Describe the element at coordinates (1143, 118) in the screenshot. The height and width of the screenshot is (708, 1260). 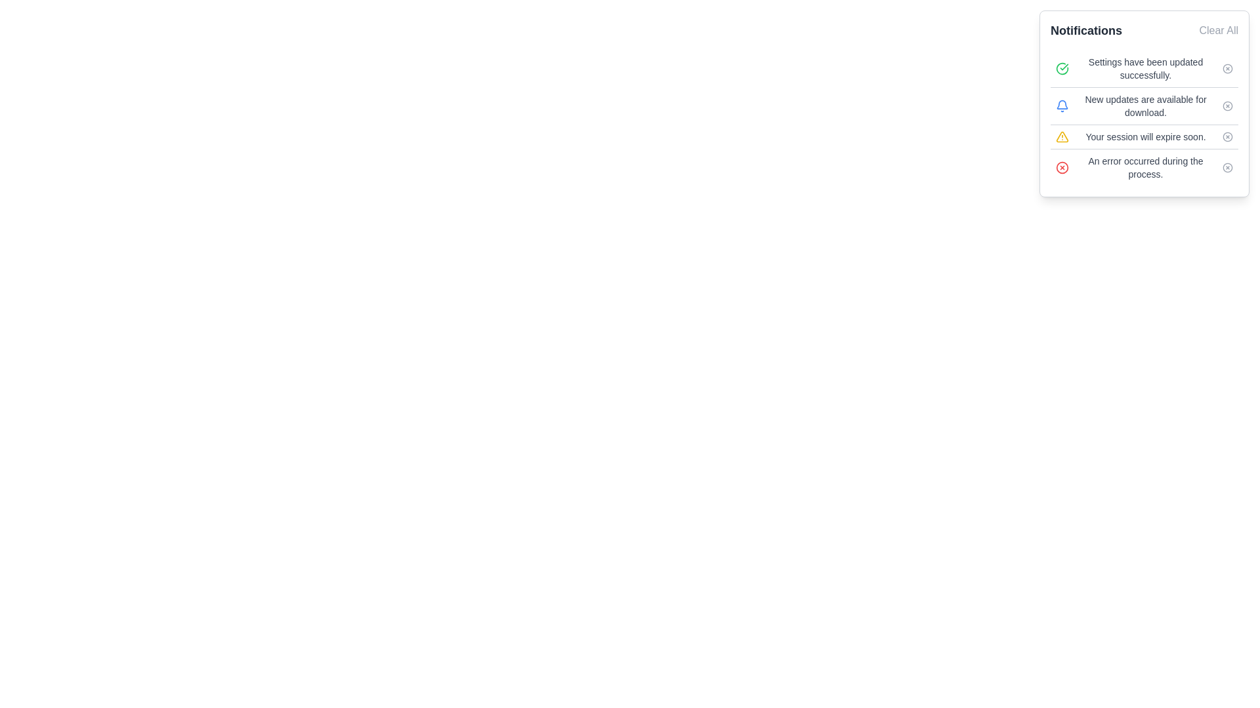
I see `the icon associated with the second notification entry in the notification list, which is styled with borders and contains an icon, text, and a supplementary icon` at that location.